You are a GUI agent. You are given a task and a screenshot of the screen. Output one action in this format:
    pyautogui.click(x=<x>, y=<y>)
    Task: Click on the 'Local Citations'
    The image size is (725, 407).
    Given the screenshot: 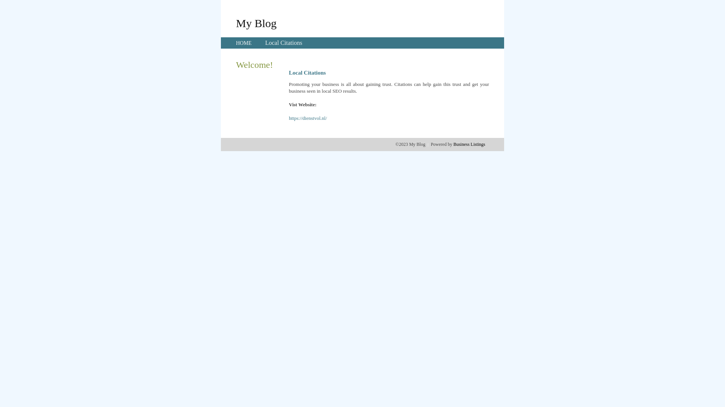 What is the action you would take?
    pyautogui.click(x=283, y=43)
    